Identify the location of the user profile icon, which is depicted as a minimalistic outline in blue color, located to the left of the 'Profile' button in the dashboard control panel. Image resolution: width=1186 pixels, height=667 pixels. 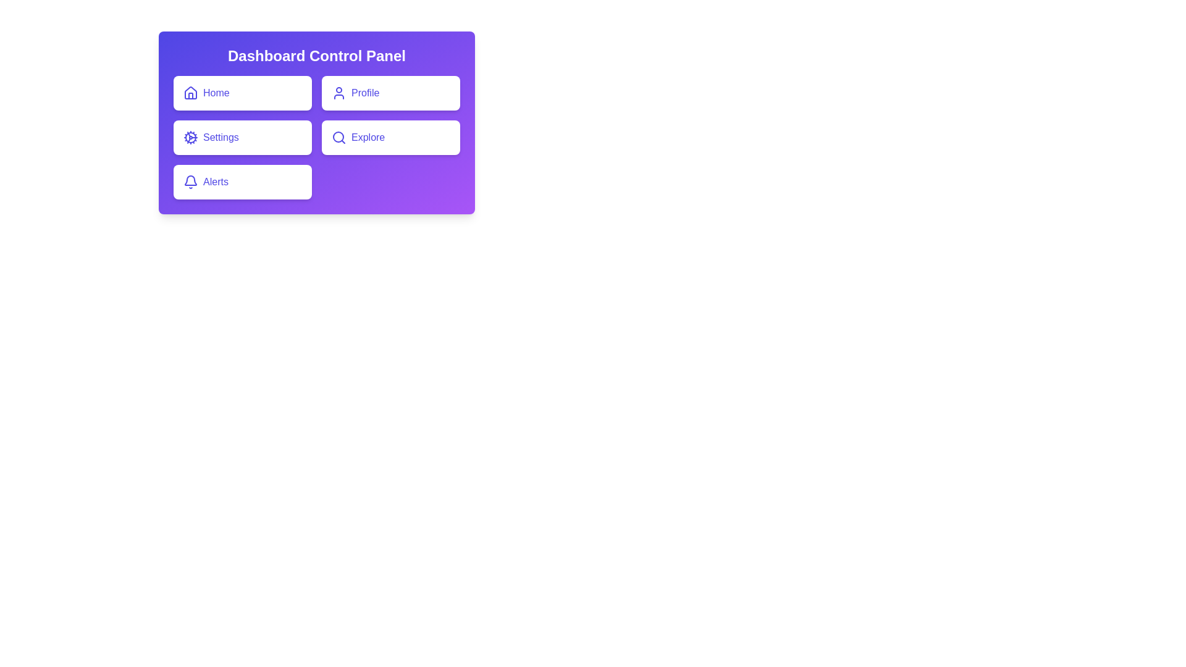
(339, 92).